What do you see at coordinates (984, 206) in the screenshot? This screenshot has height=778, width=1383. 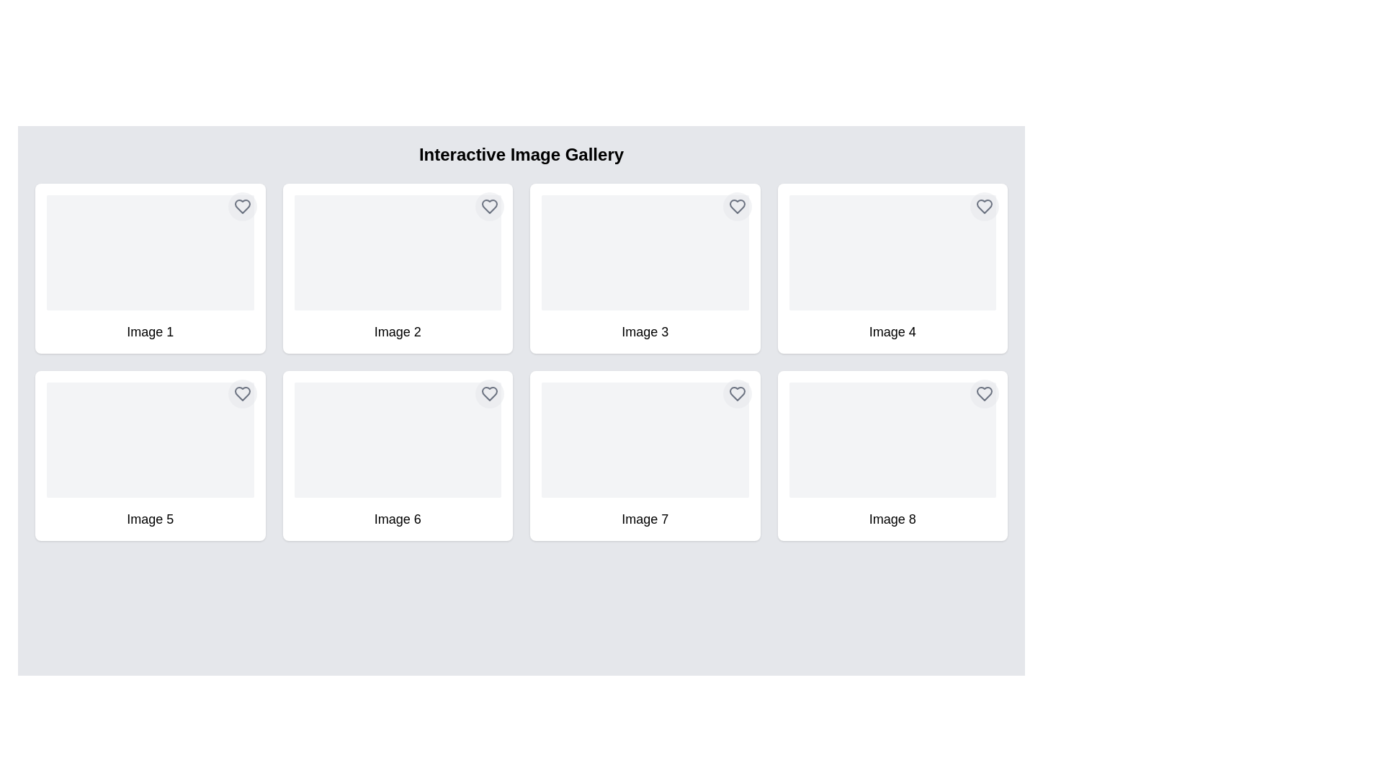 I see `the circular button with a semi-transparent gray background and heart-shaped icon in the top-right corner of the 'Image 4' card` at bounding box center [984, 206].